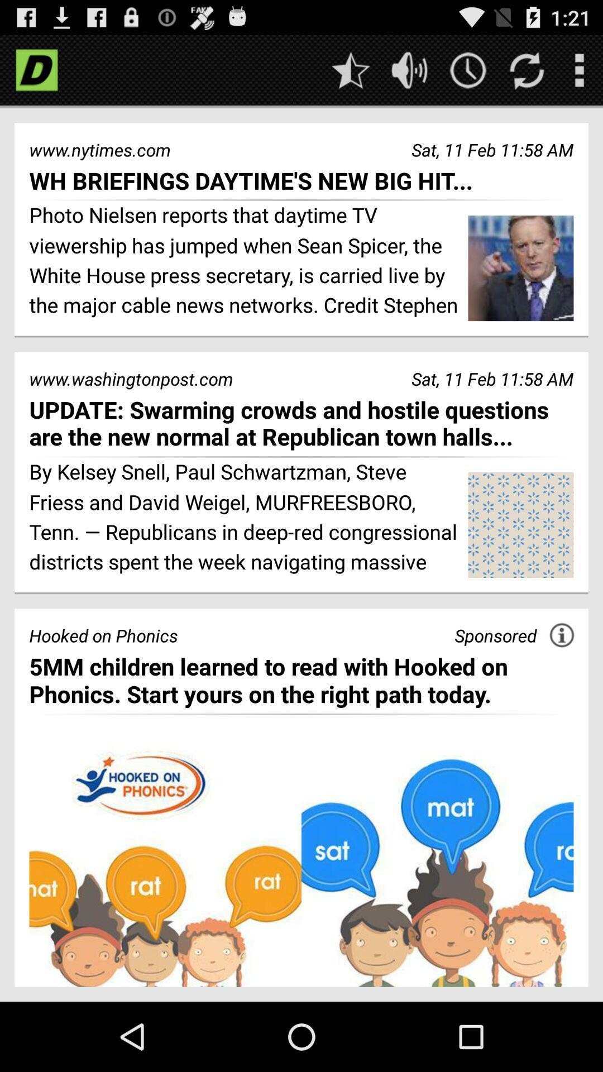 The width and height of the screenshot is (603, 1072). I want to click on details, so click(562, 635).